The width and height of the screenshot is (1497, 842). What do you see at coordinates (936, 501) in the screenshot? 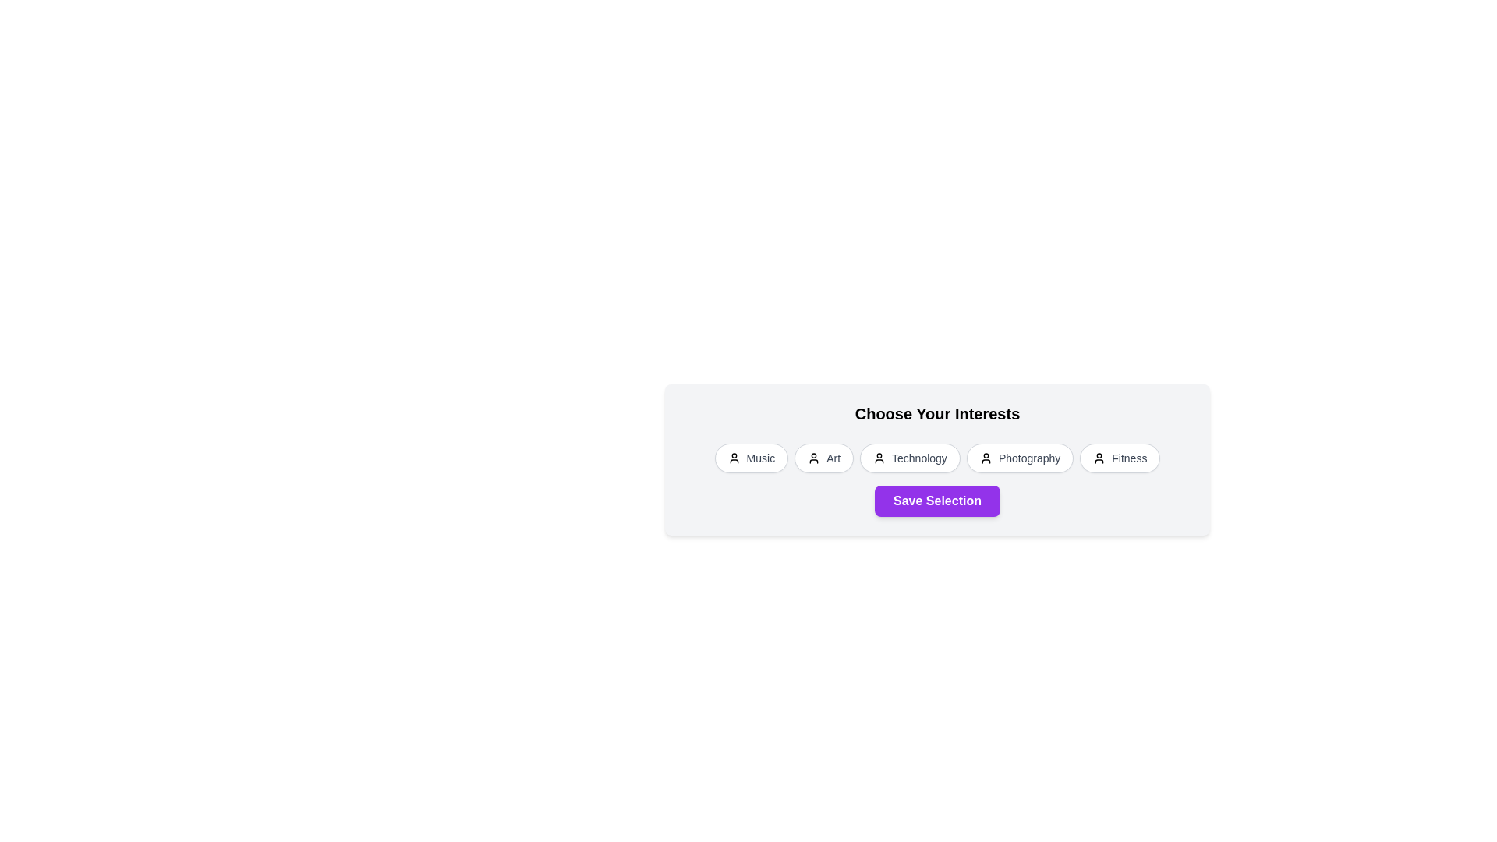
I see `the 'Save Selection' button` at bounding box center [936, 501].